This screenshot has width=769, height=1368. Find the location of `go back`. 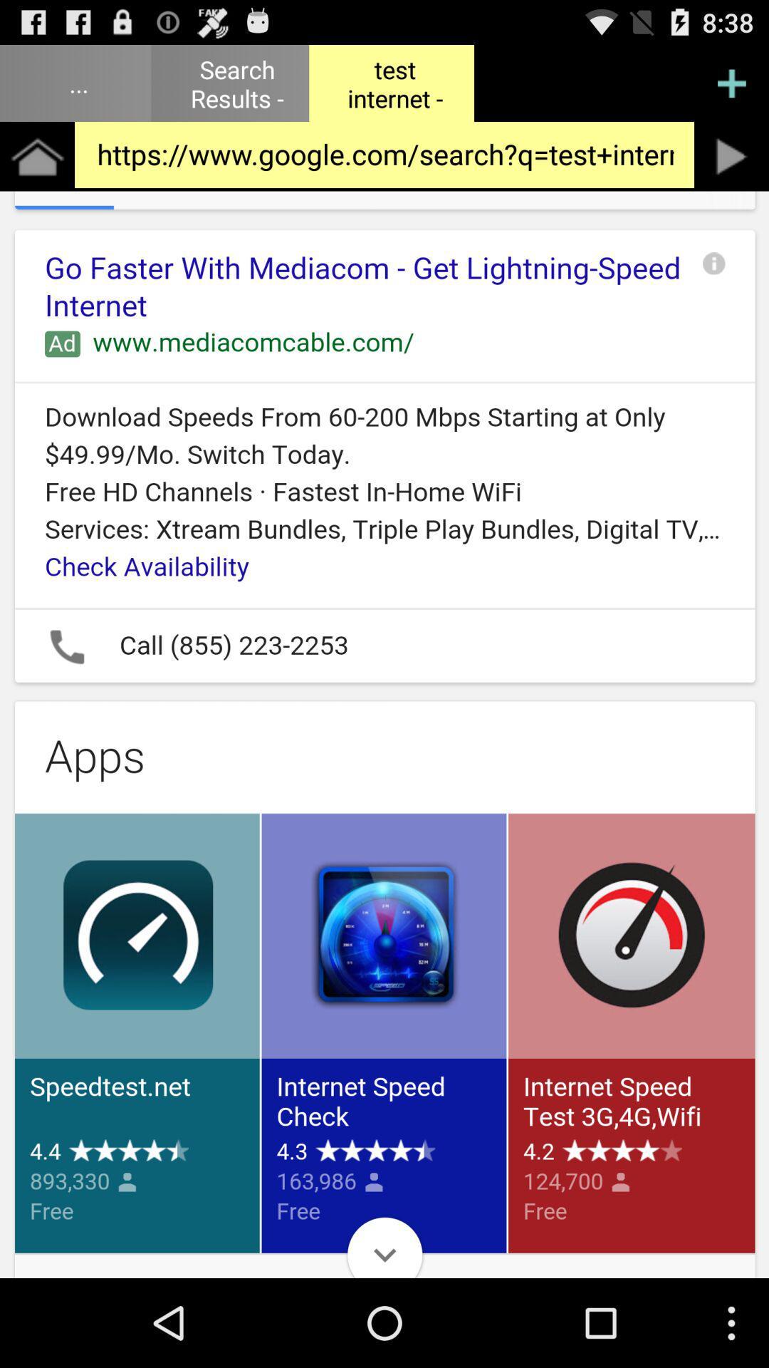

go back is located at coordinates (731, 156).